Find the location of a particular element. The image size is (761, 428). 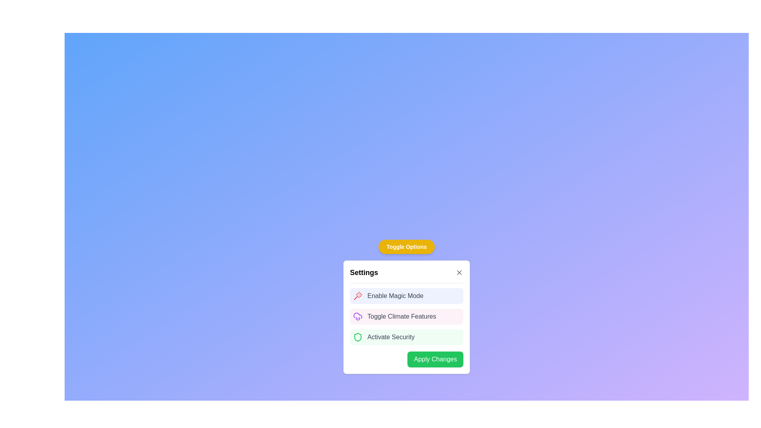

text label that describes the setting for toggling climate features, positioned beneath a purple cloud icon in the settings dialog box is located at coordinates (402, 316).